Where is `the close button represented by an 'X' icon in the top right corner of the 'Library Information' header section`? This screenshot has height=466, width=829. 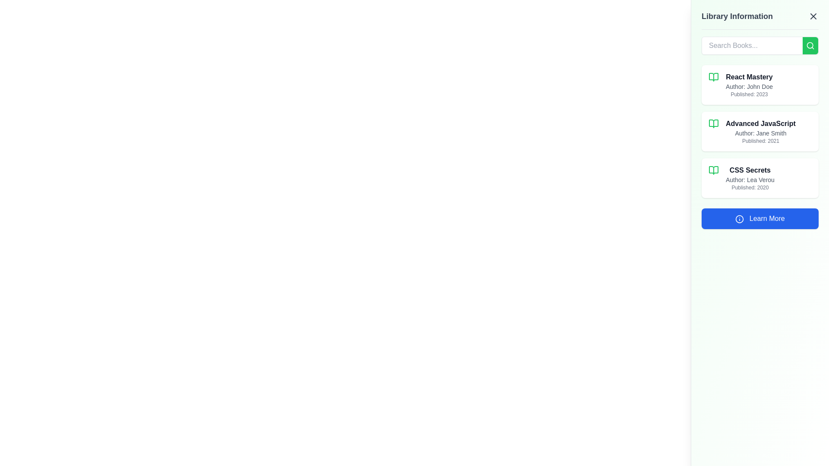 the close button represented by an 'X' icon in the top right corner of the 'Library Information' header section is located at coordinates (813, 16).